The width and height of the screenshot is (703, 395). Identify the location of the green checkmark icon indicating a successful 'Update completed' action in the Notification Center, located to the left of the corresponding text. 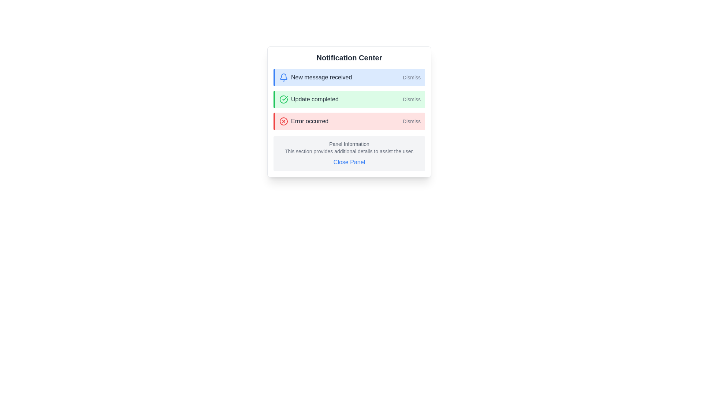
(284, 98).